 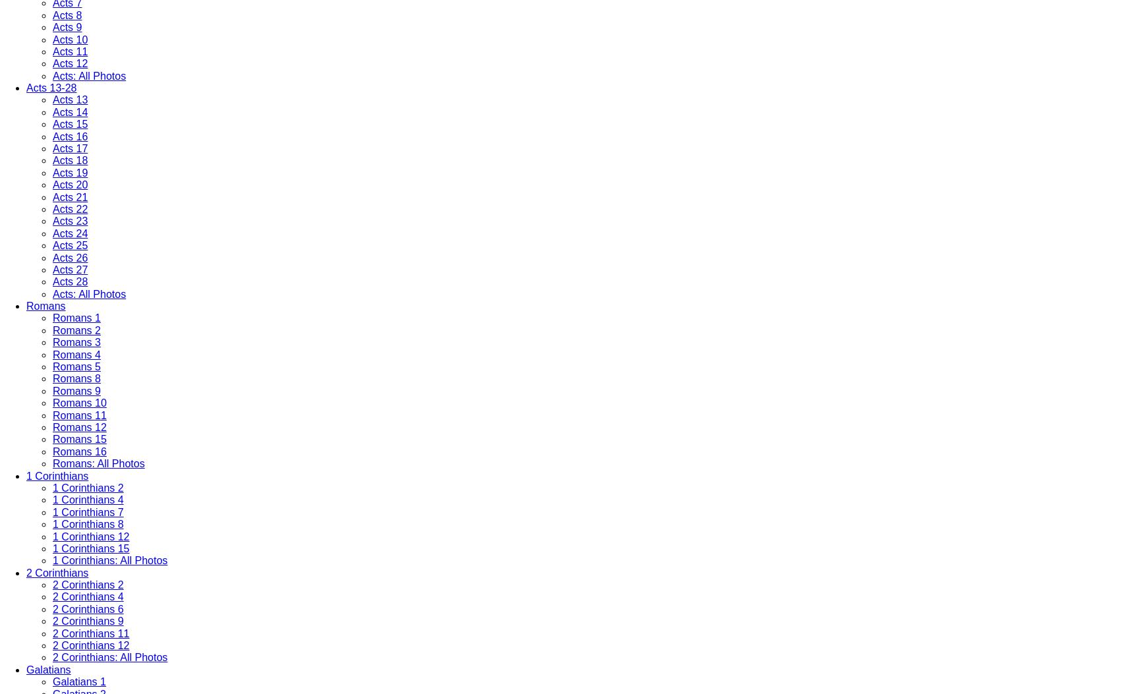 I want to click on '2 Corinthians: All Photos', so click(x=109, y=657).